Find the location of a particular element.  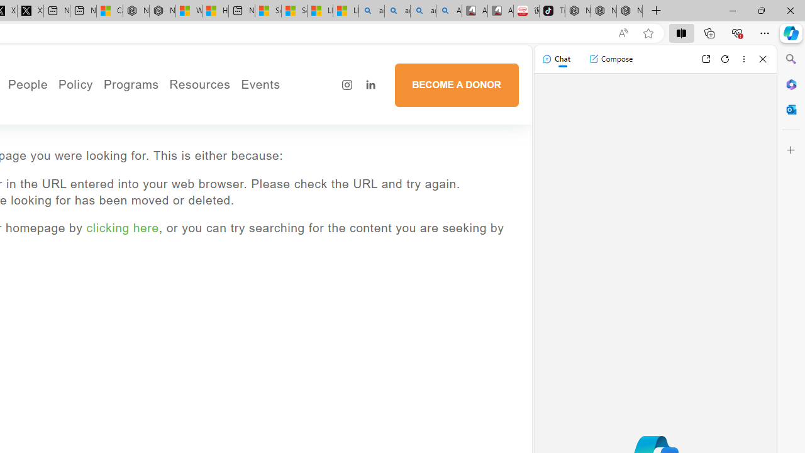

'Huge shark washes ashore at New York City beach | Watch' is located at coordinates (216, 11).